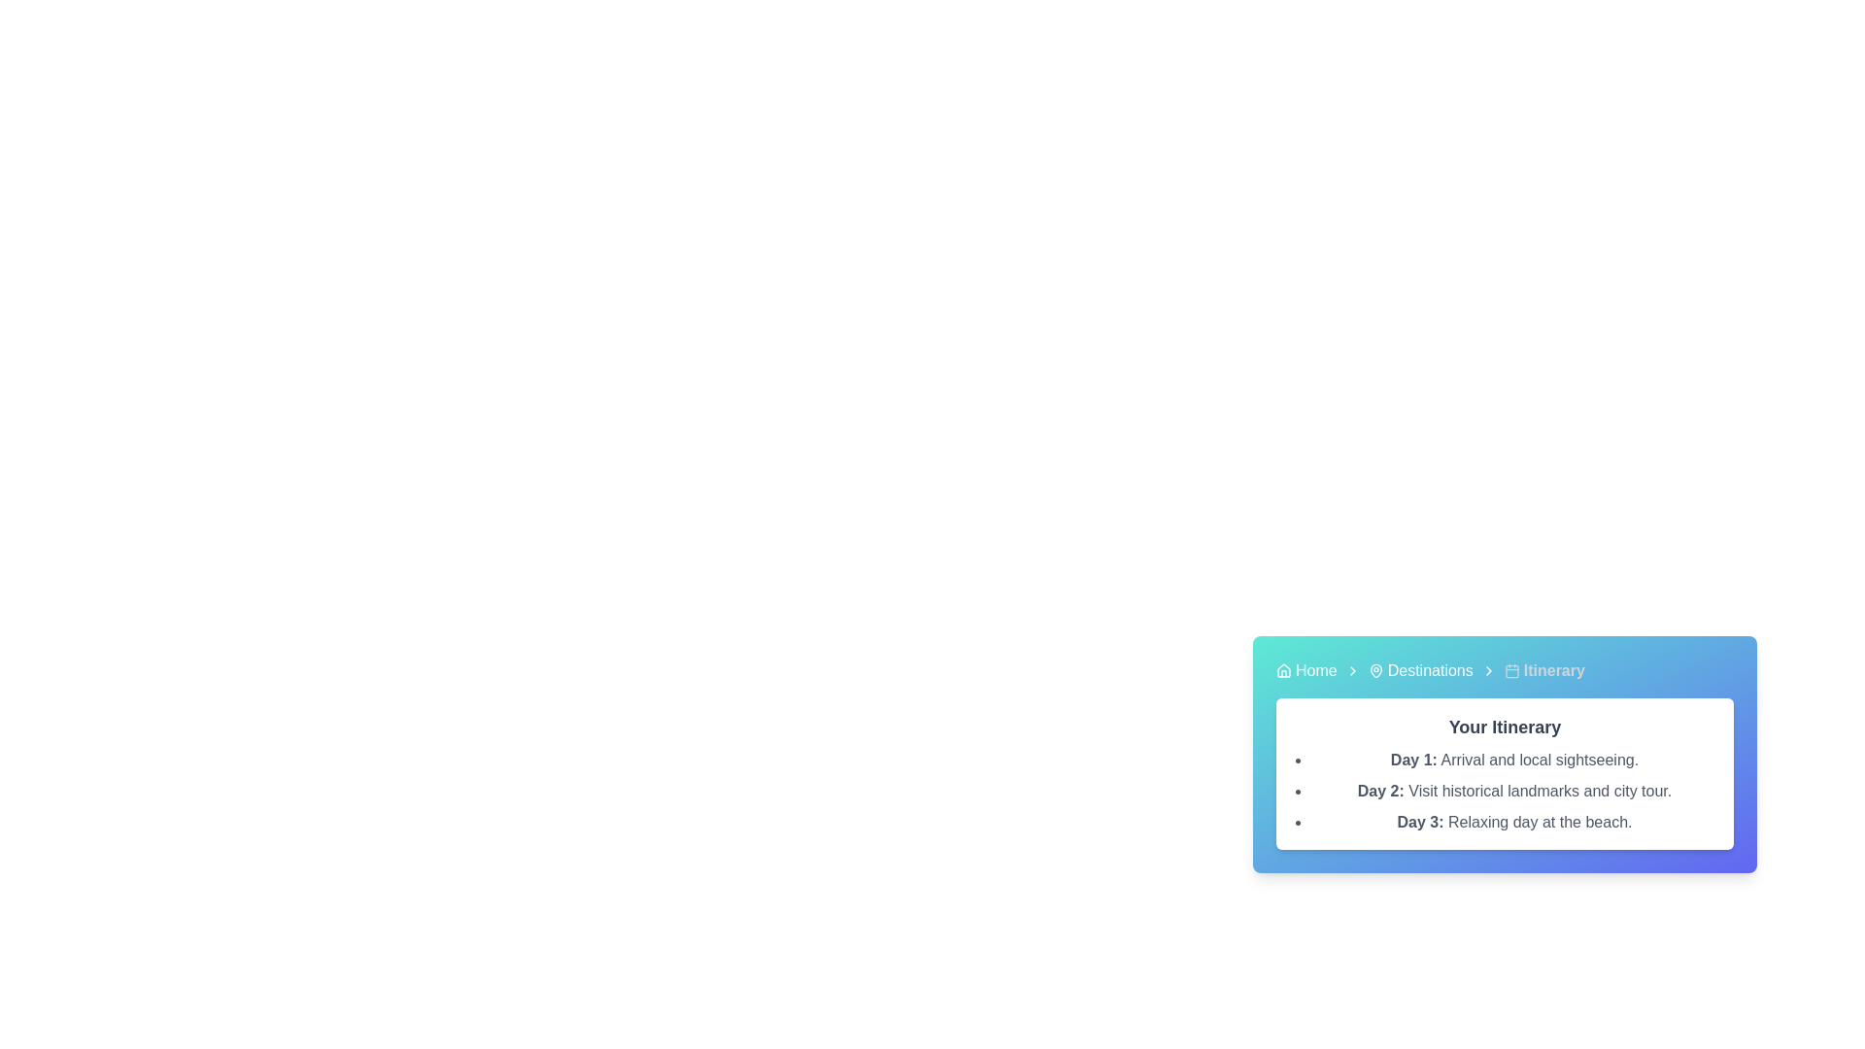 This screenshot has width=1865, height=1049. I want to click on the breadcrumb item located at the far left of the breadcrumb navigation bar, so click(1306, 669).